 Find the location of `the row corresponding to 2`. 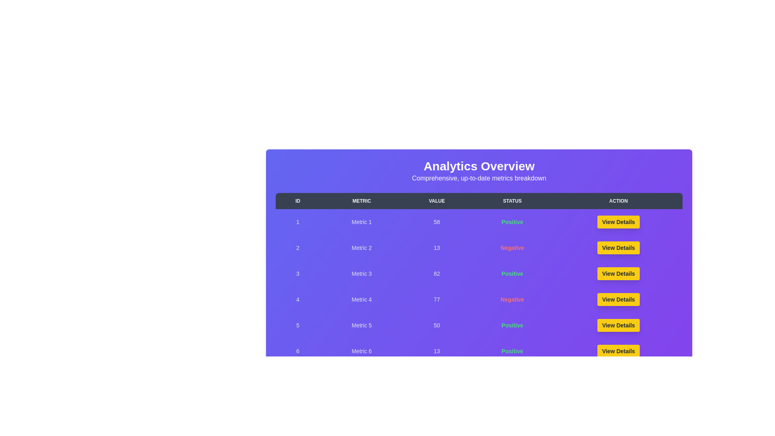

the row corresponding to 2 is located at coordinates (479, 247).